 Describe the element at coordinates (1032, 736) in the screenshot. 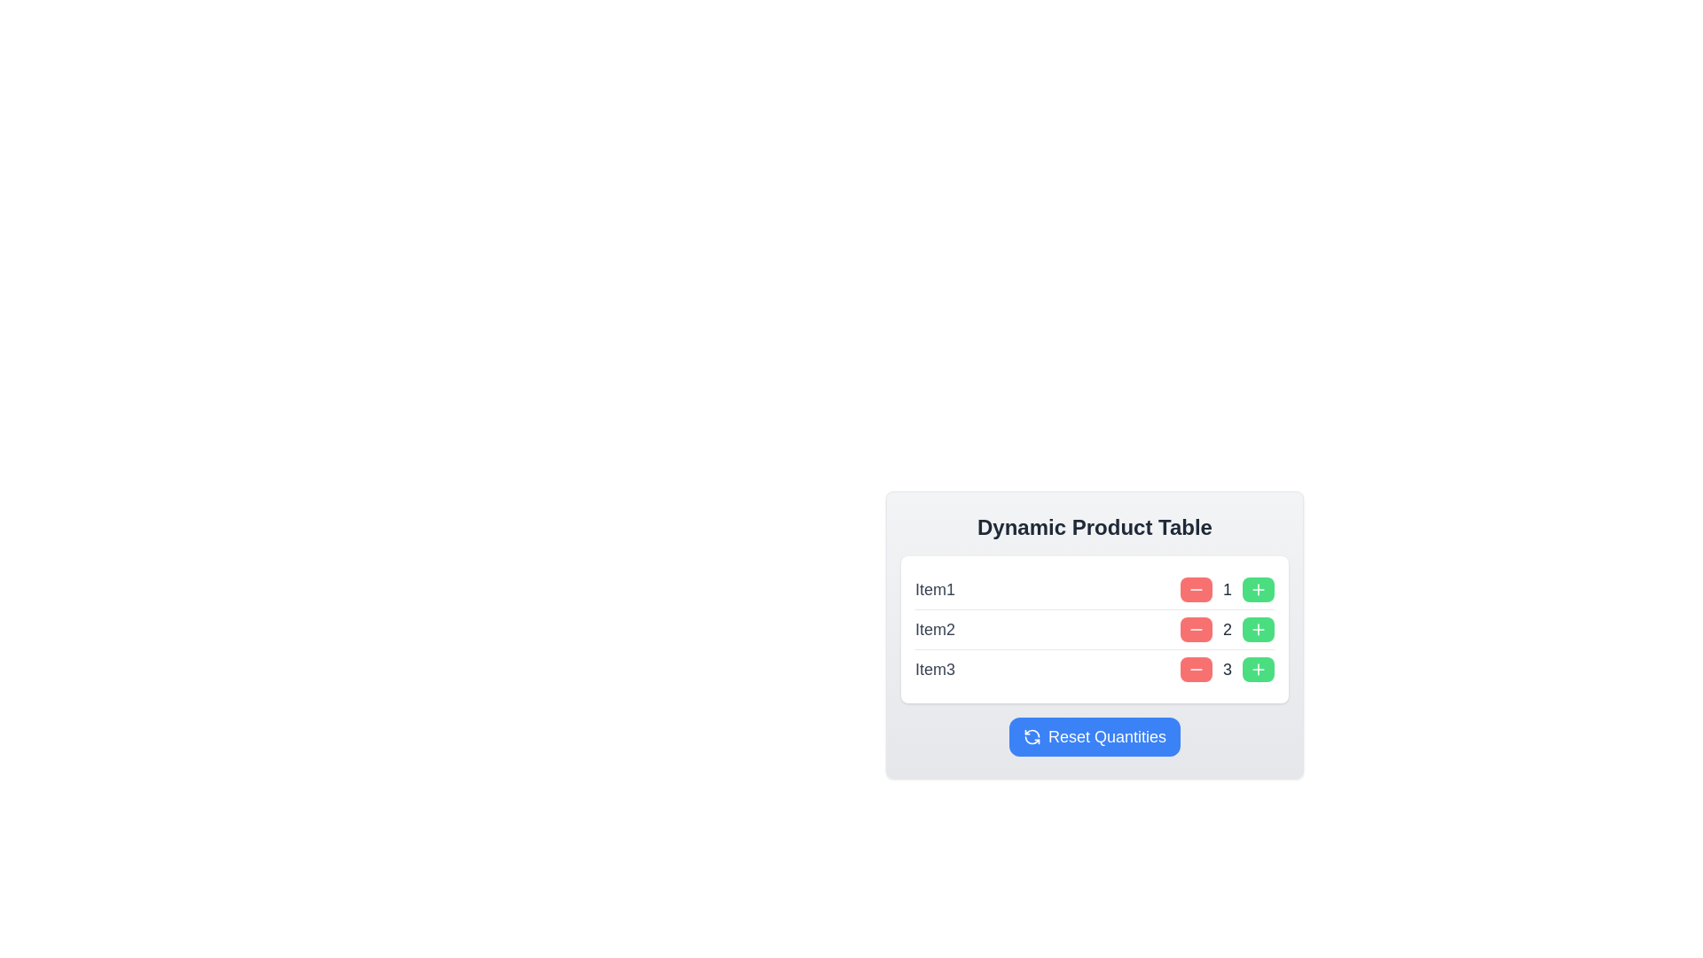

I see `the reset icon located on the left side of the 'Reset Quantities' button at the bottom center of the interface` at that location.